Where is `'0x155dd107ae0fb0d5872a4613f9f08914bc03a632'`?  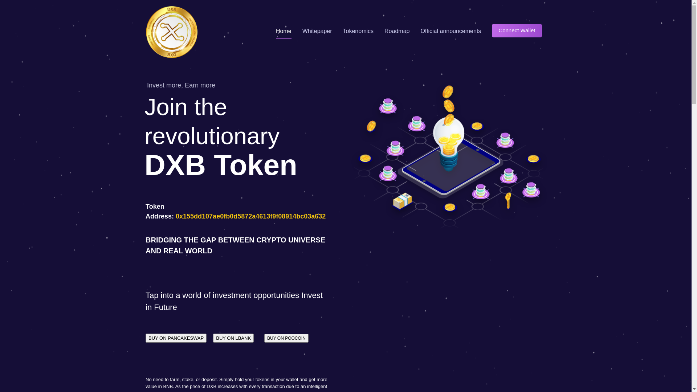
'0x155dd107ae0fb0d5872a4613f9f08914bc03a632' is located at coordinates (250, 215).